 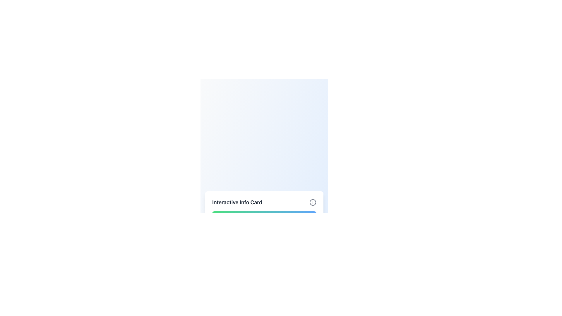 I want to click on text from the Text Label located in the header area, which serves as a title or label for the associated card or section, so click(x=237, y=202).